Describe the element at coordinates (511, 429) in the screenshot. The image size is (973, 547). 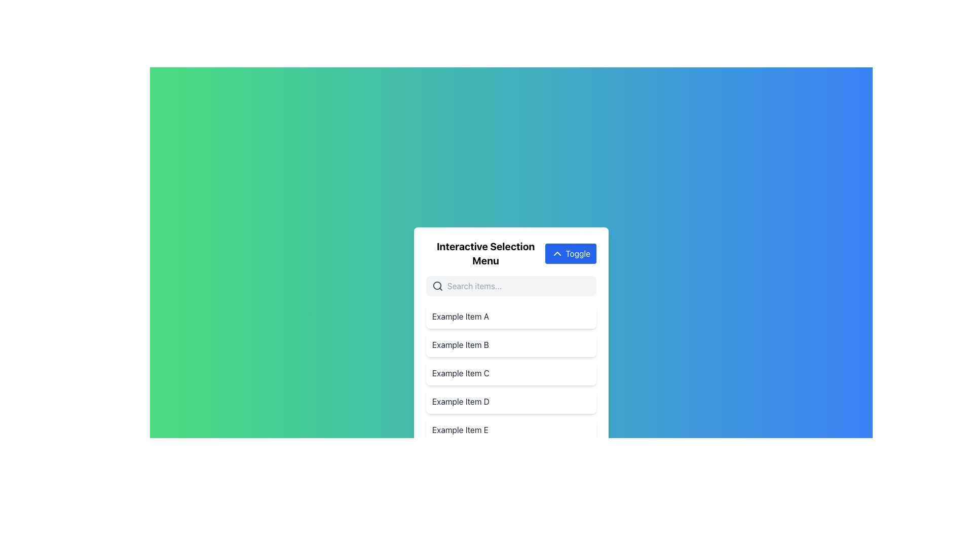
I see `on the list item labeled 'Example Item E', which is the last item in a vertical selection list located below a search bar and toggle switch` at that location.